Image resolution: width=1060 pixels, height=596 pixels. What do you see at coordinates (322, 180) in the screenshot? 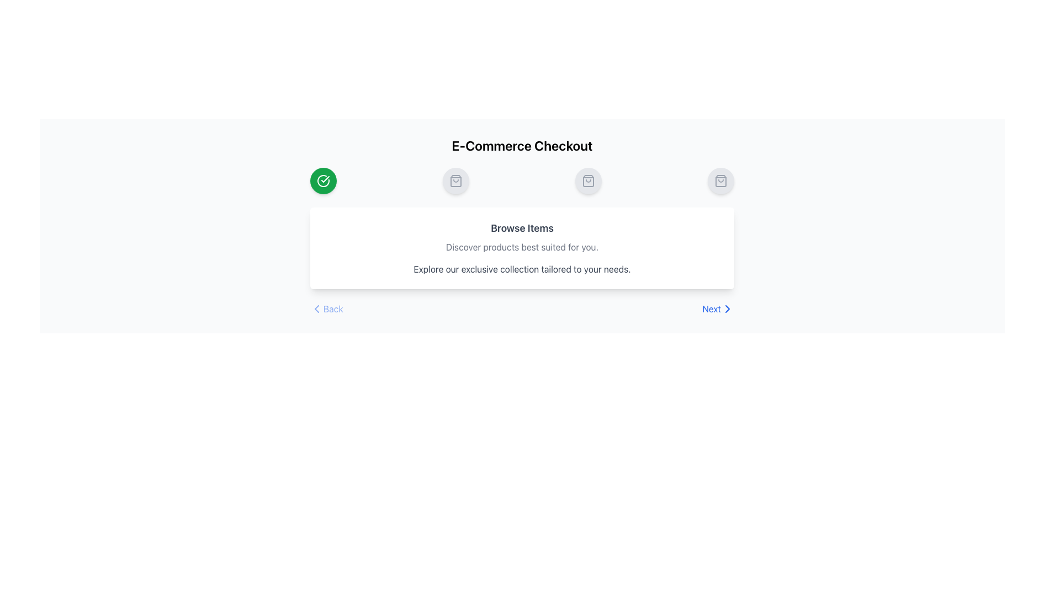
I see `the status represented by the first step marker icon, which has a checkmark indicating completion, located slightly below the 'E-Commerce Checkout' heading` at bounding box center [322, 180].